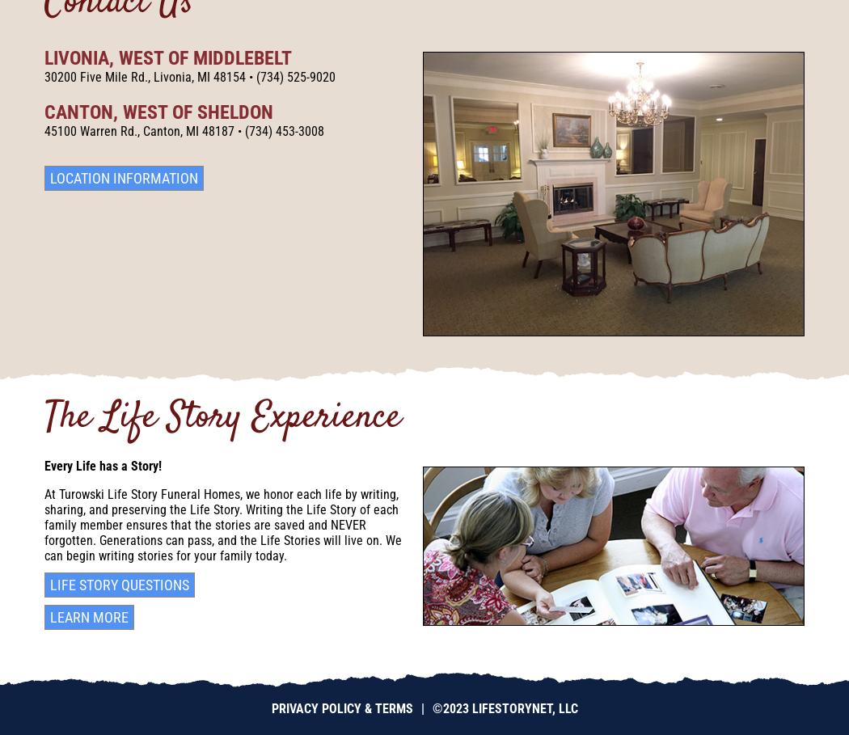 This screenshot has height=735, width=849. What do you see at coordinates (167, 57) in the screenshot?
I see `'Livonia, West of Middlebelt'` at bounding box center [167, 57].